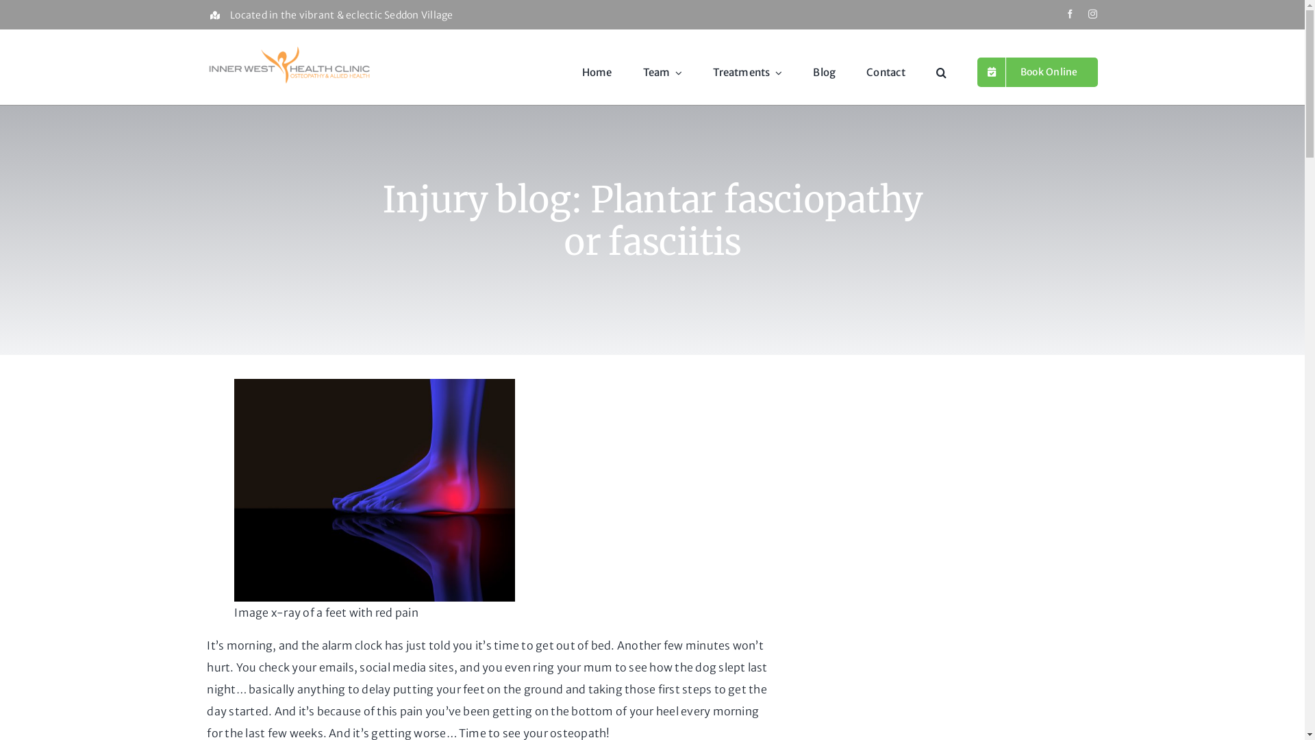  I want to click on 'Contact', so click(886, 72).